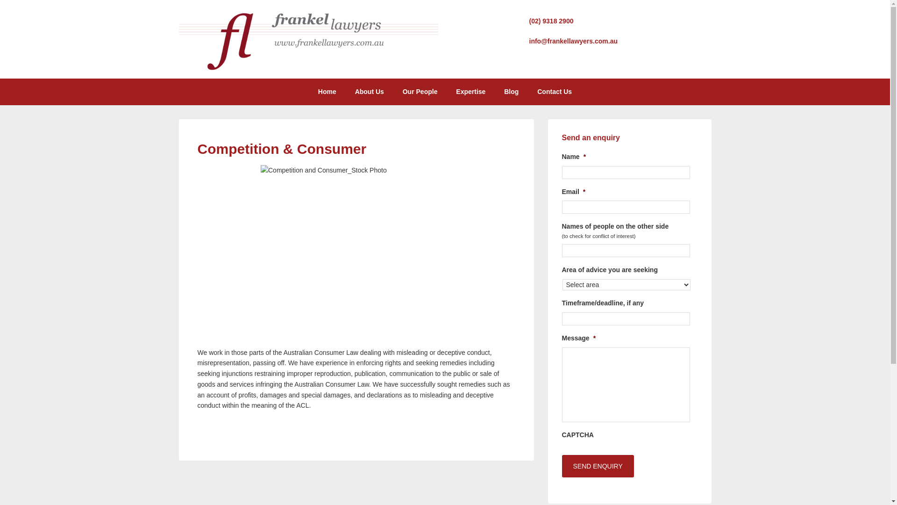  What do you see at coordinates (597, 466) in the screenshot?
I see `'Send enquiry'` at bounding box center [597, 466].